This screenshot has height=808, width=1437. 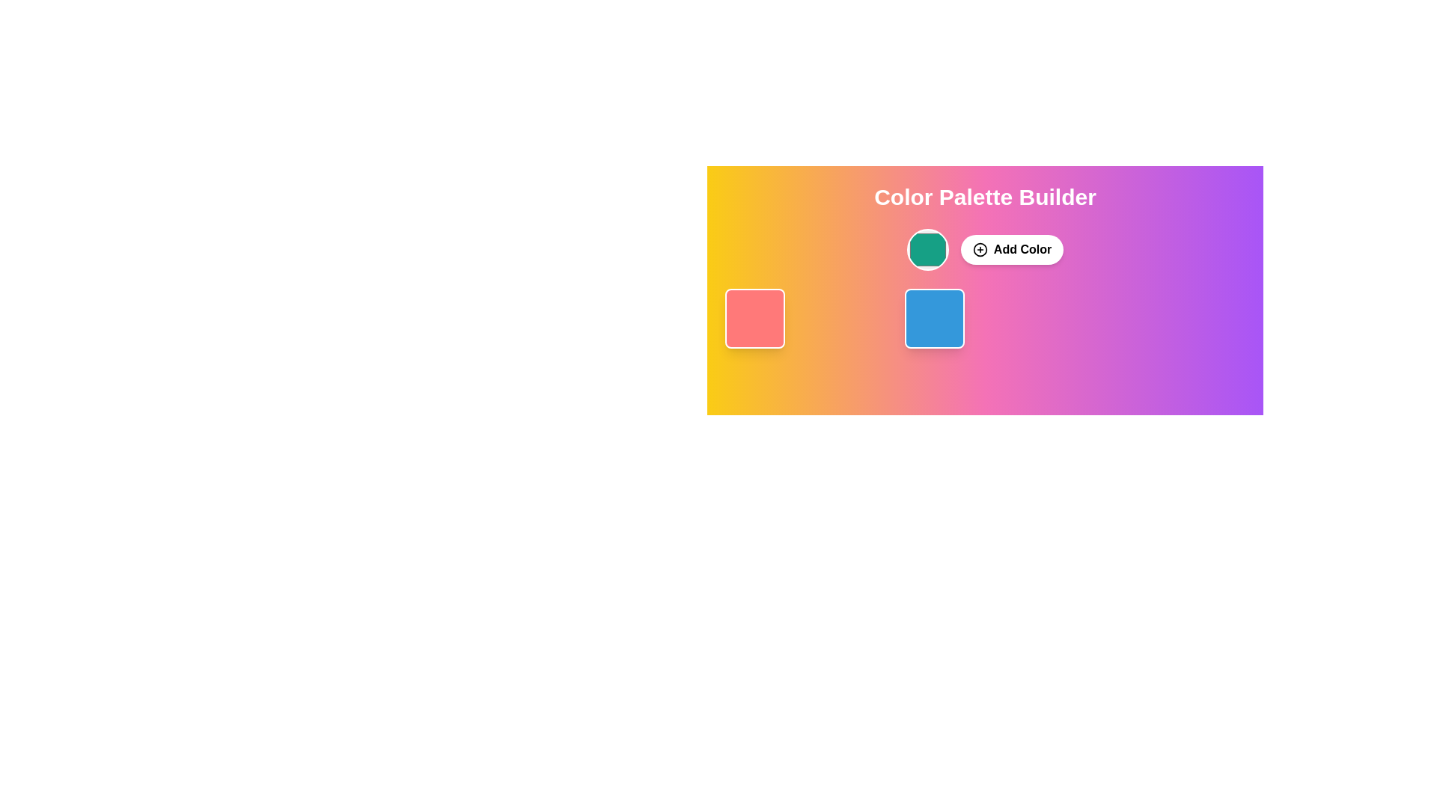 What do you see at coordinates (927, 249) in the screenshot?
I see `the color selector button which represents the teal green color, located in the 'Add Color' section, preceding the 'Add Color' button` at bounding box center [927, 249].